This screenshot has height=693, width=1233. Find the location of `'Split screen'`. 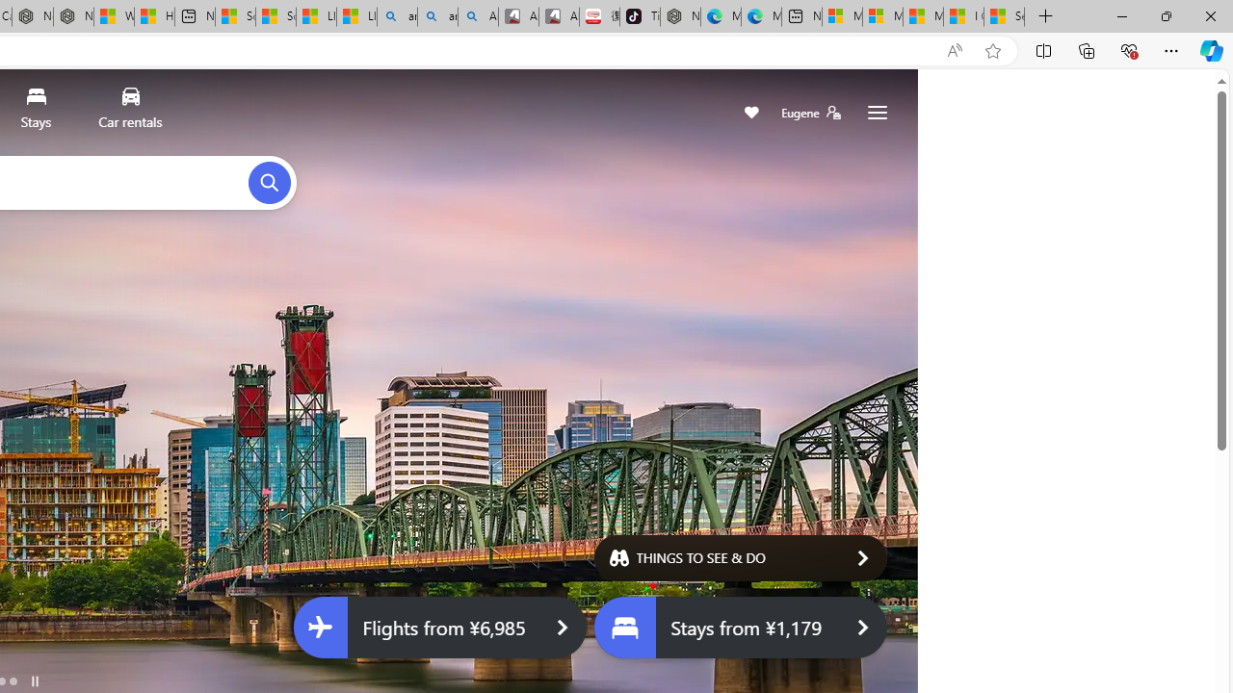

'Split screen' is located at coordinates (1042, 49).